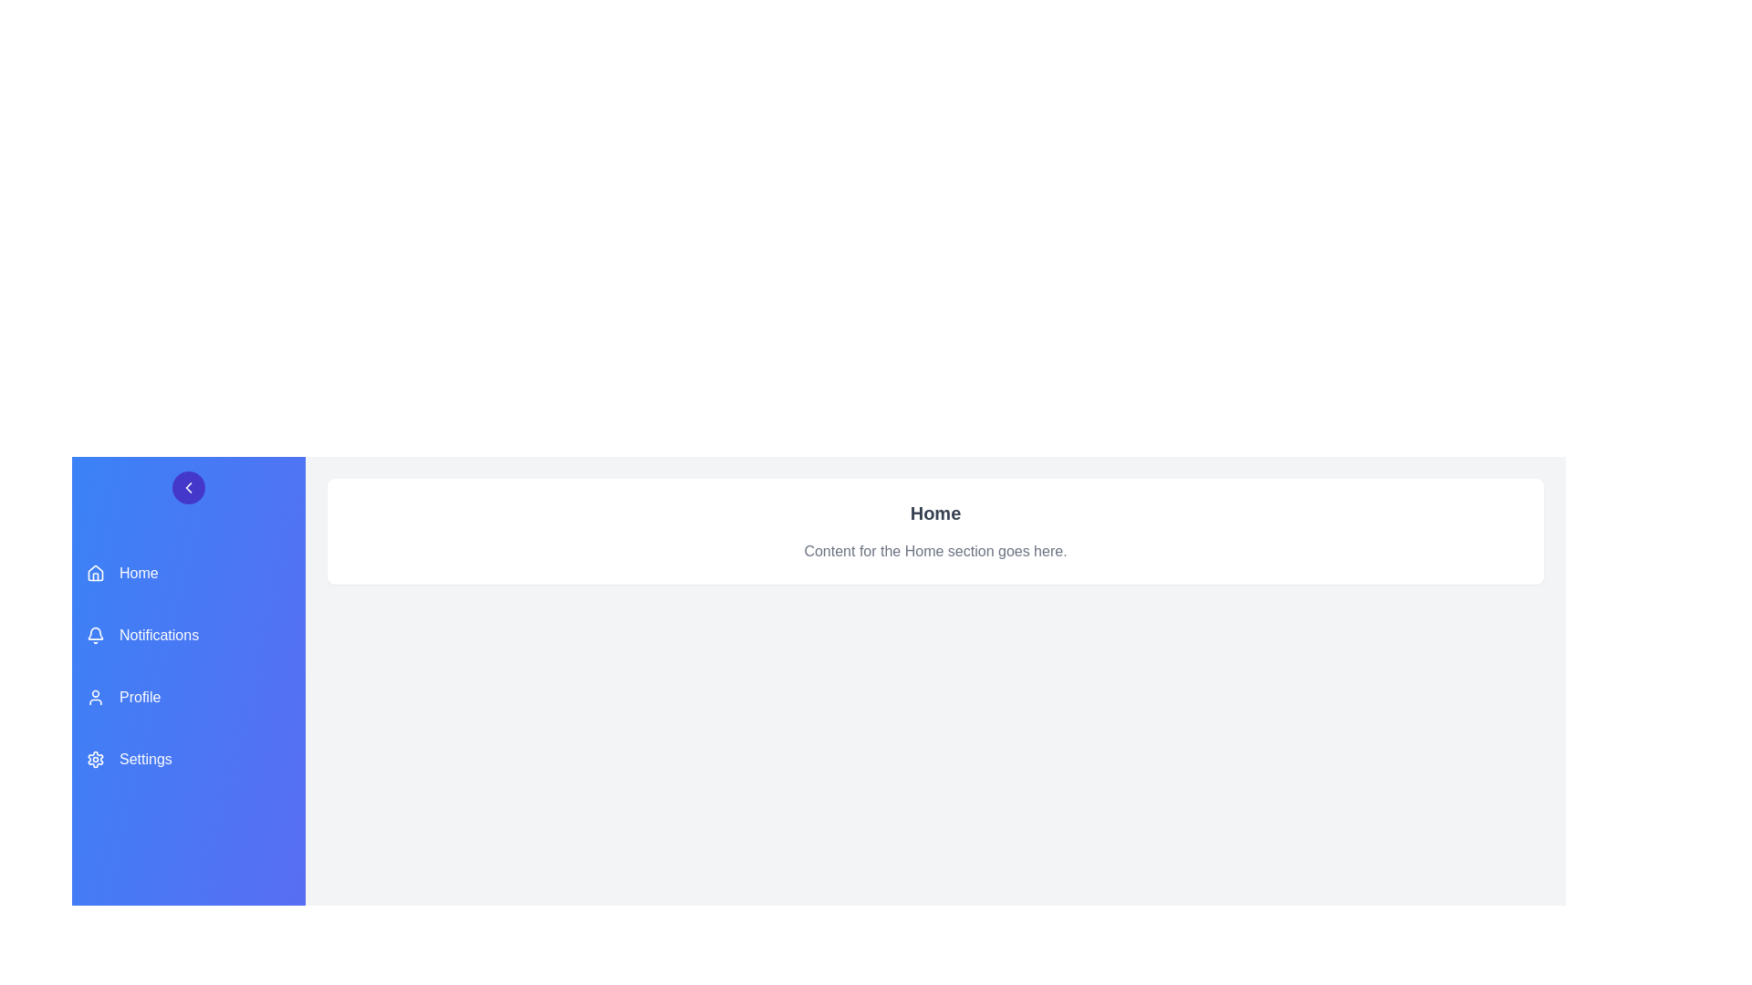  Describe the element at coordinates (188, 635) in the screenshot. I see `the 'Notifications' menu option, which is styled prominently in the left-hand sidebar and features a bell icon next to the text` at that location.